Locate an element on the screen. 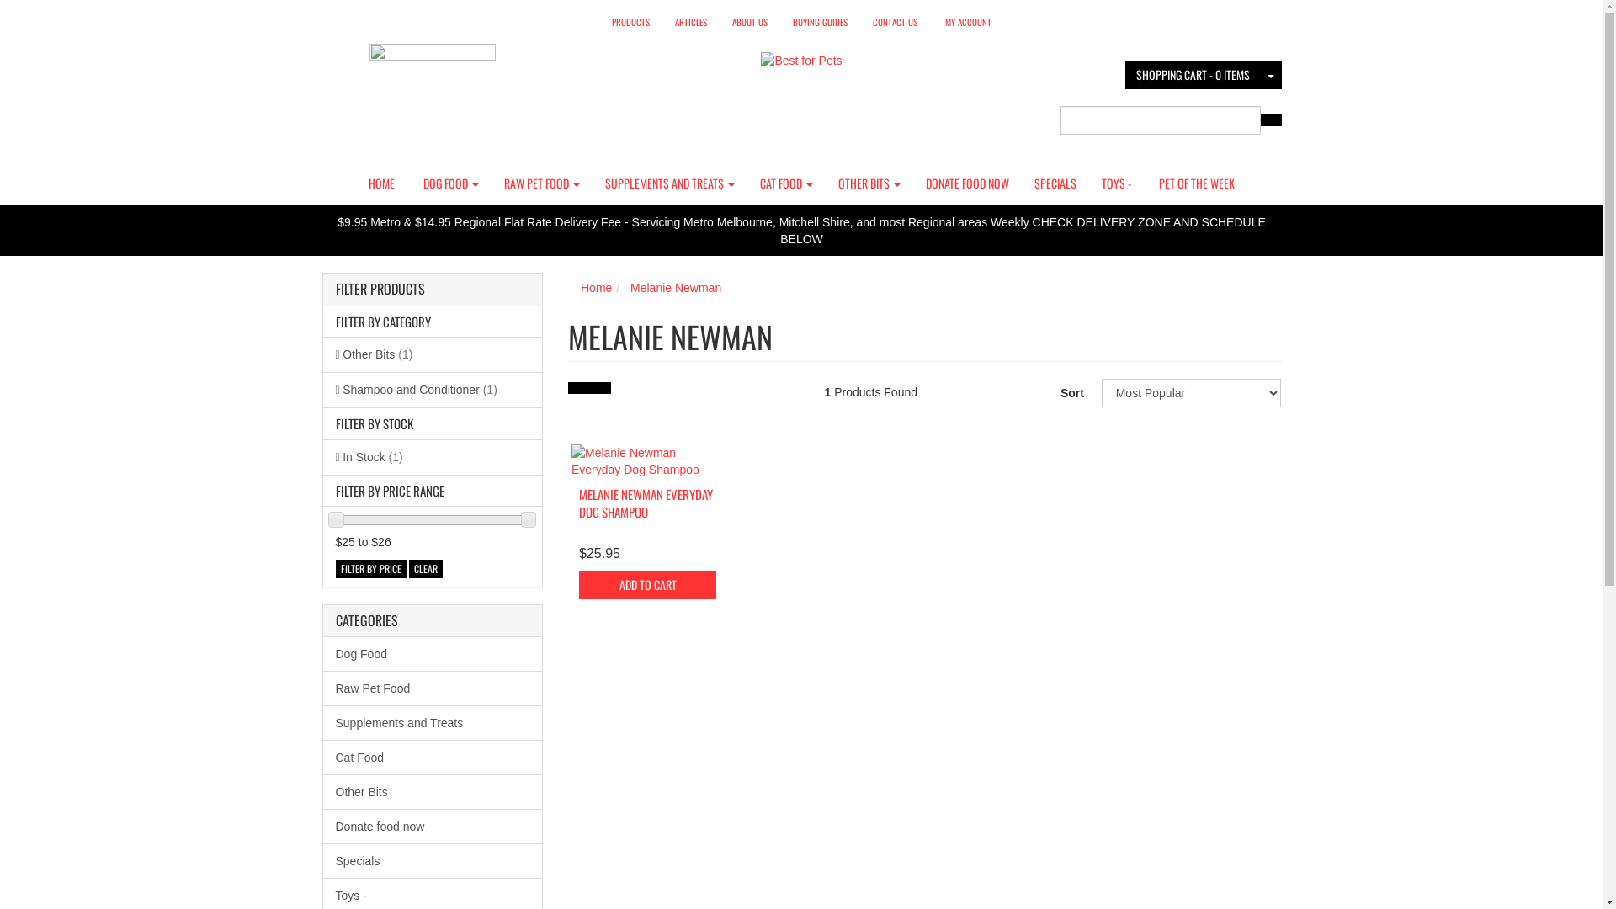  'PET OF THE WEEK' is located at coordinates (1146, 183).